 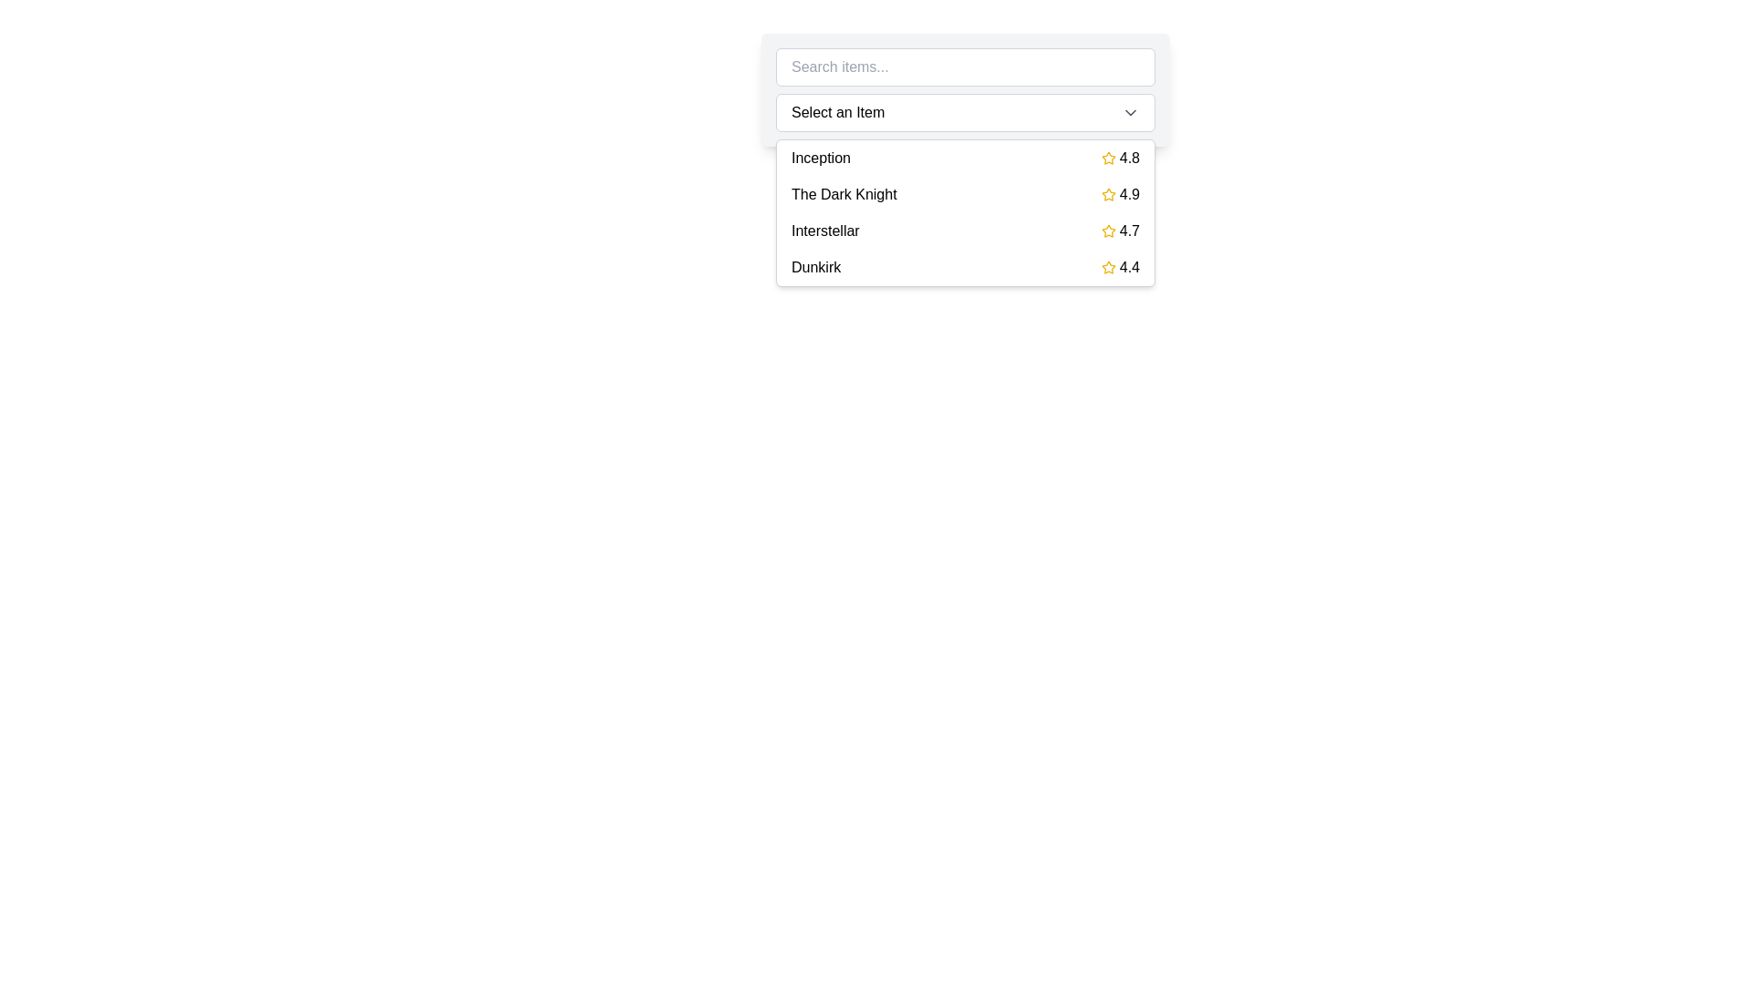 I want to click on the selectable text option displaying 'Dunkirk' in the dropdown menu, so click(x=815, y=267).